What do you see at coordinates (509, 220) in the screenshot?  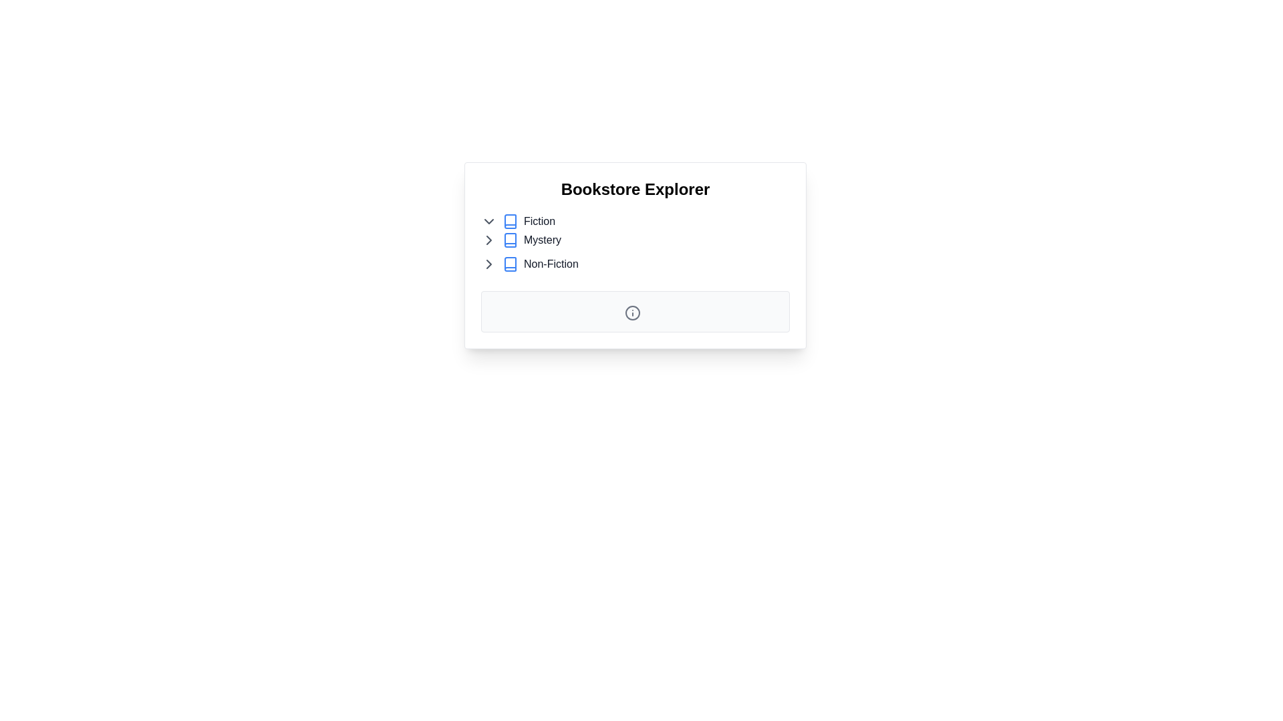 I see `the book icon located to the left of the 'Fiction' text in the 'Bookstore Explorer' vertical list` at bounding box center [509, 220].